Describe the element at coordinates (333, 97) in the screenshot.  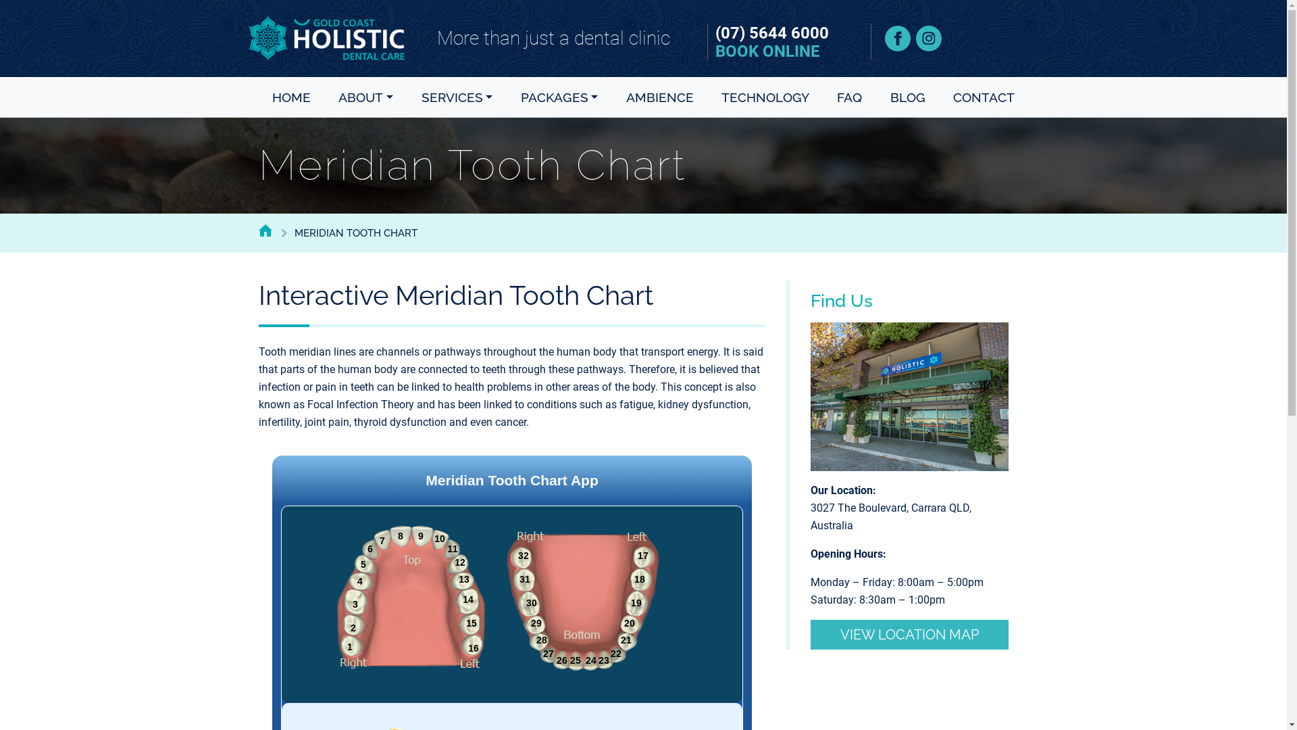
I see `'ABOUT'` at that location.